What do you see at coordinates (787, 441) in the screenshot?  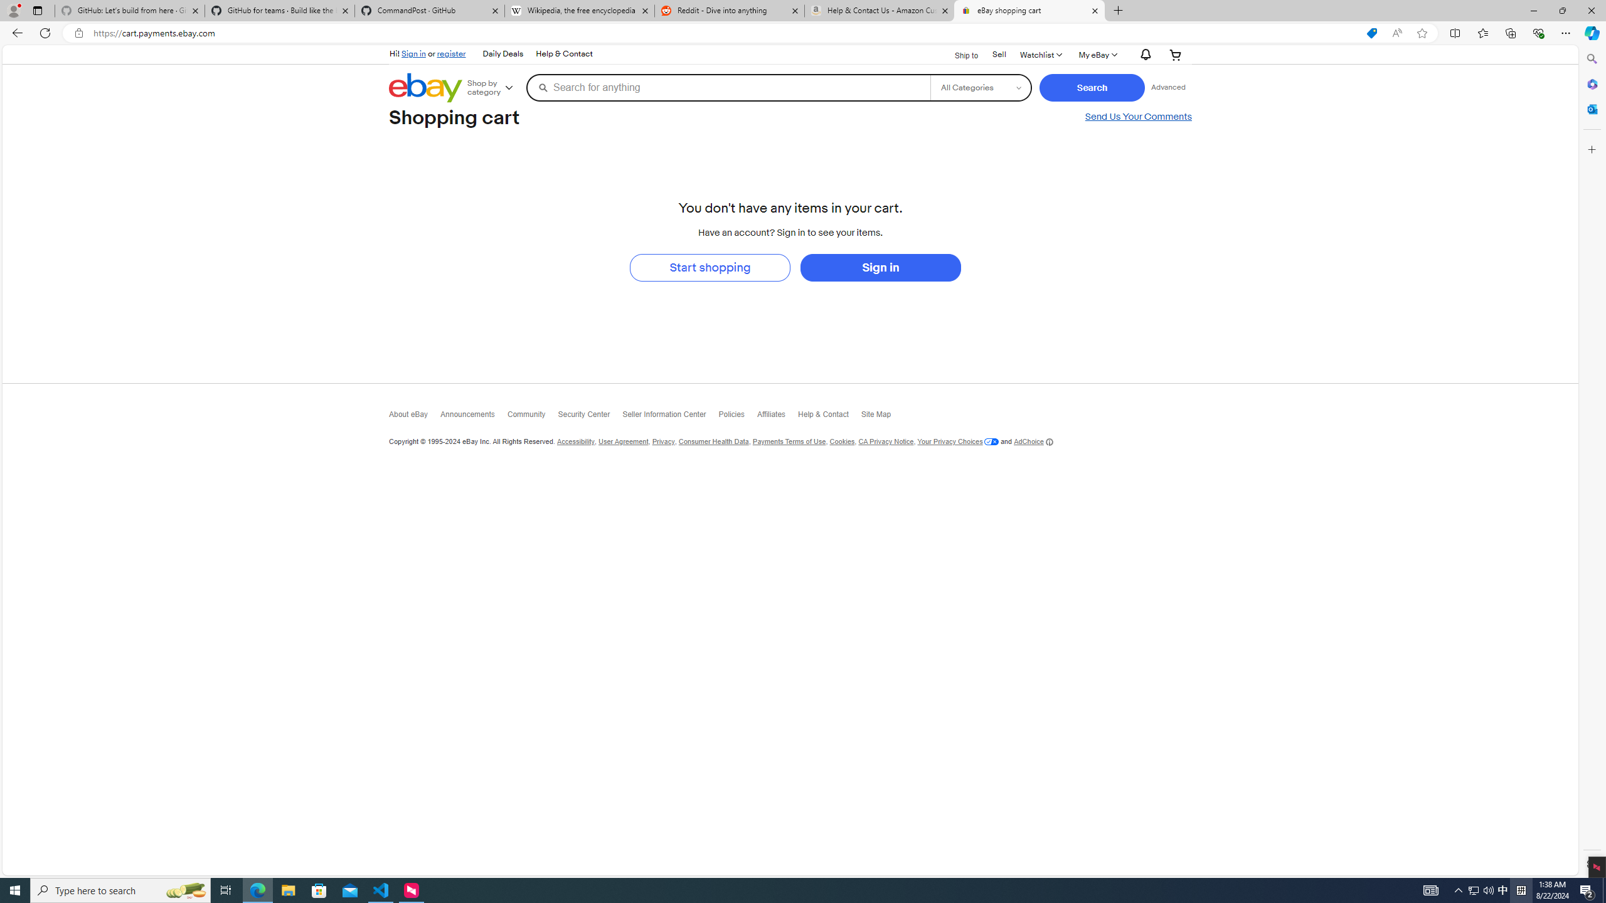 I see `'Payments Terms of Use'` at bounding box center [787, 441].